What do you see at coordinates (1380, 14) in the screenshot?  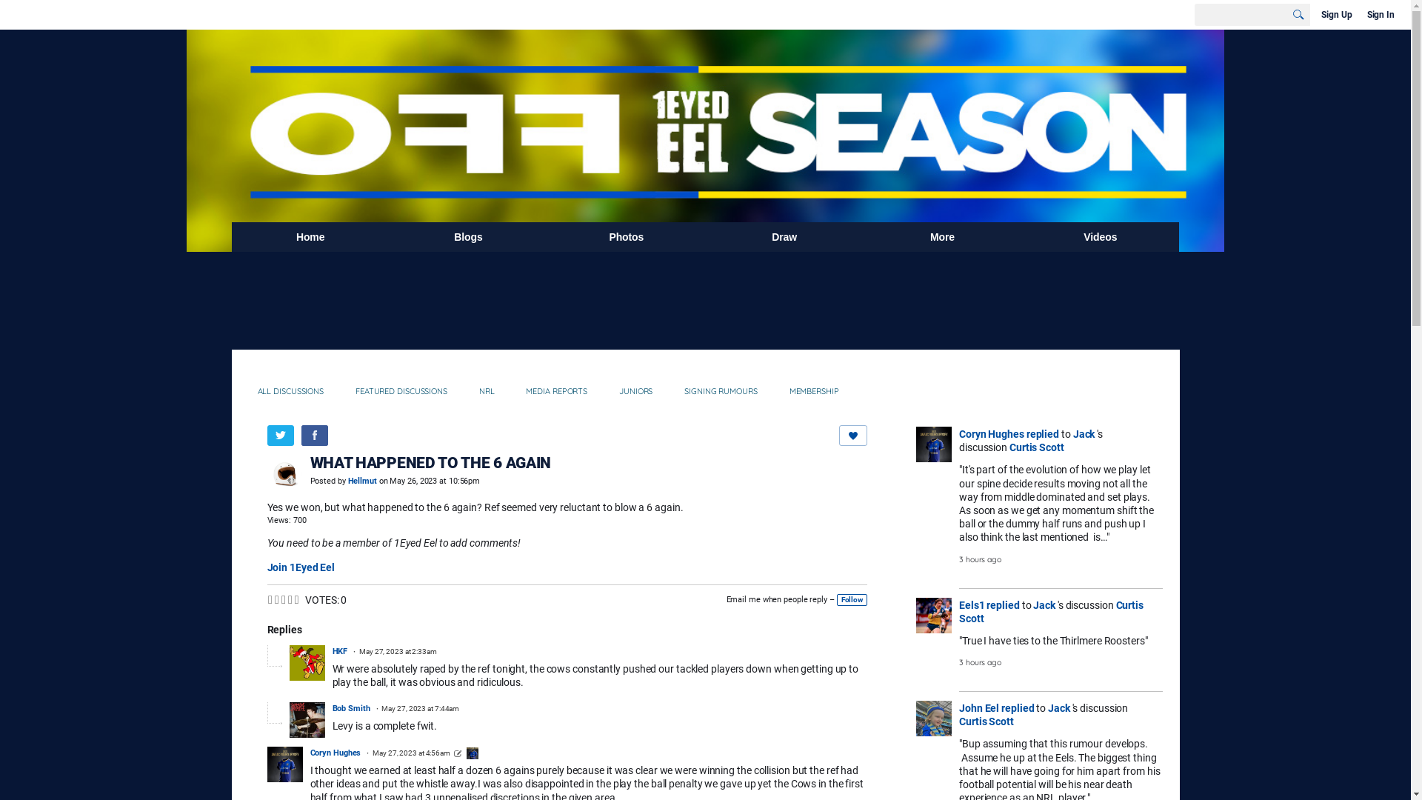 I see `'Sign In'` at bounding box center [1380, 14].